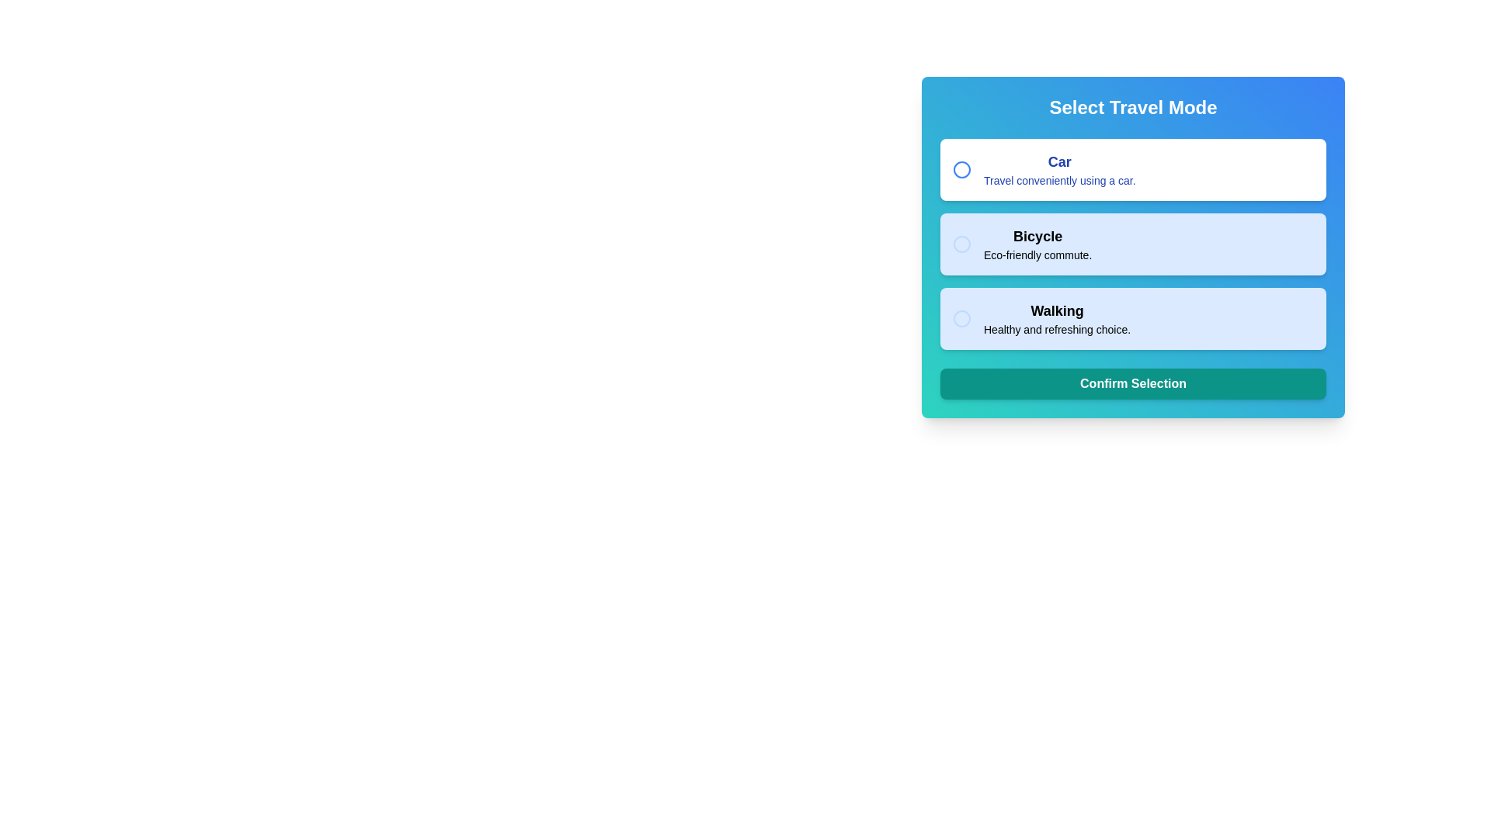 The height and width of the screenshot is (838, 1491). I want to click on the confirmation button located at the bottom center of the travel options to finalize the selected travel mode, so click(1133, 383).